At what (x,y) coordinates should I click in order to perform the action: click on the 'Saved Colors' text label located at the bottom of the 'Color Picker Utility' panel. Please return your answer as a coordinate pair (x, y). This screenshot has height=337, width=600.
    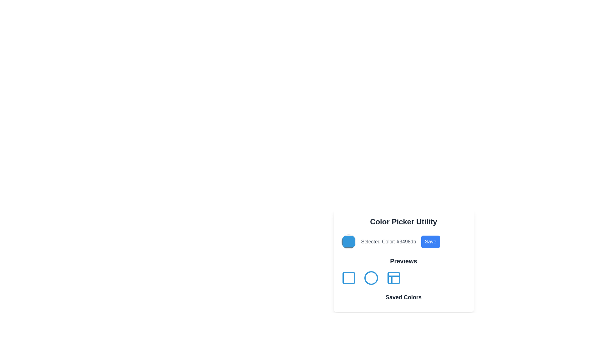
    Looking at the image, I should click on (403, 298).